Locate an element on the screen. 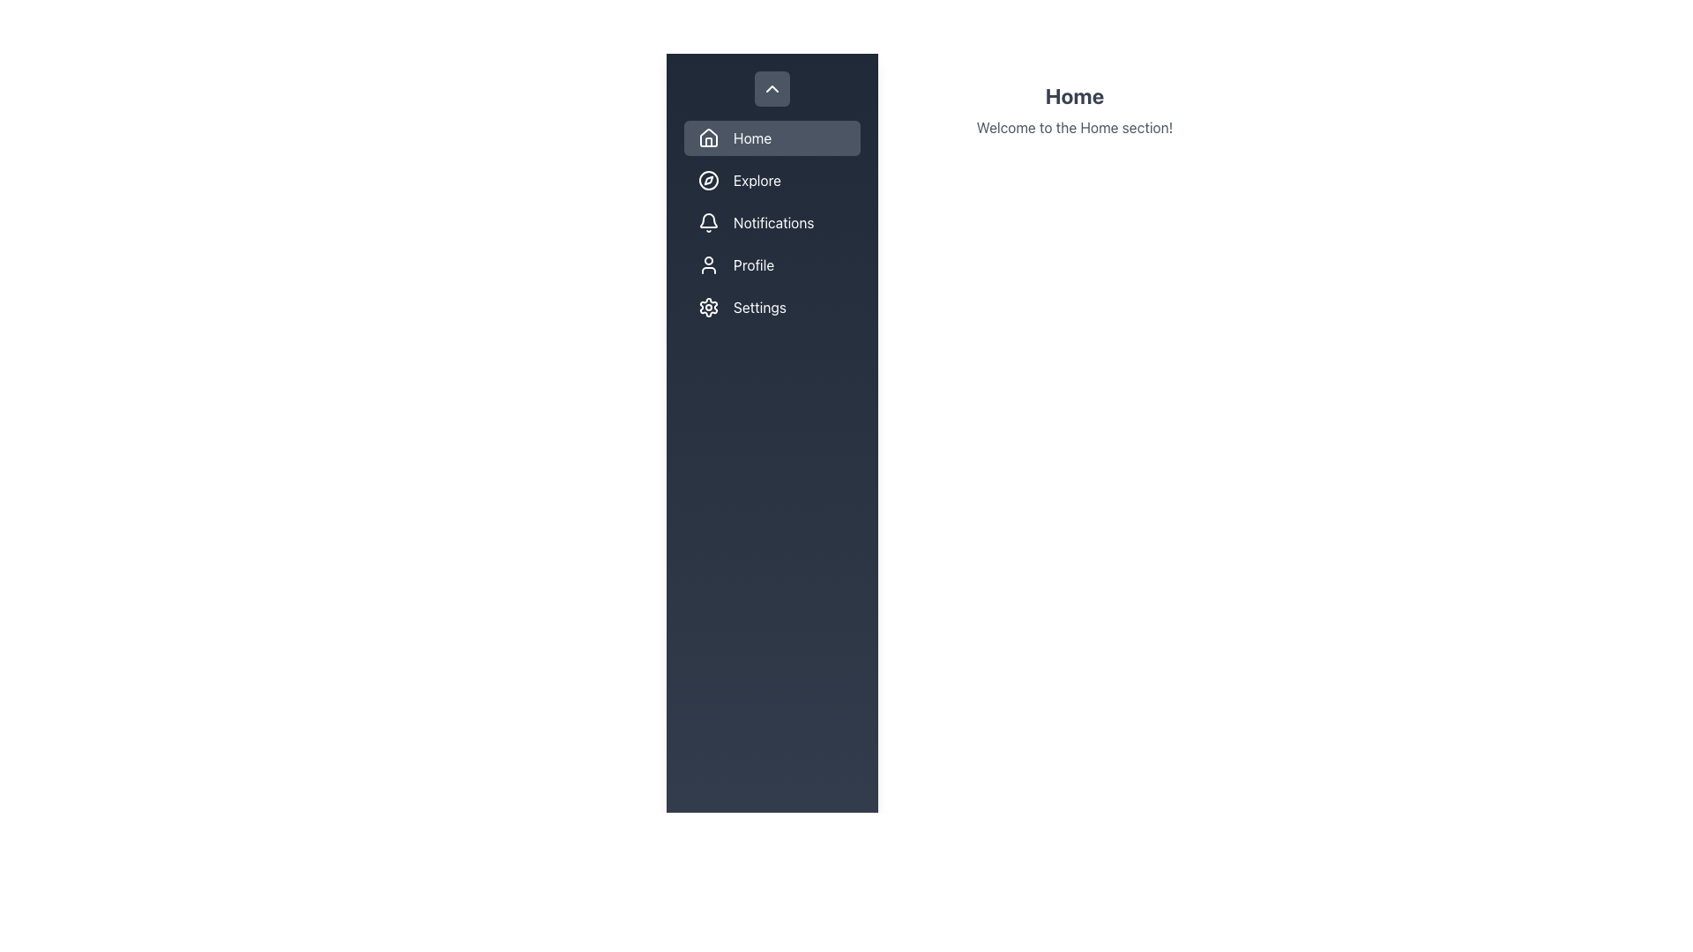 This screenshot has height=952, width=1693. the circular icon in the sidebar navigation menu adjacent to the 'Explore' label is located at coordinates (709, 180).